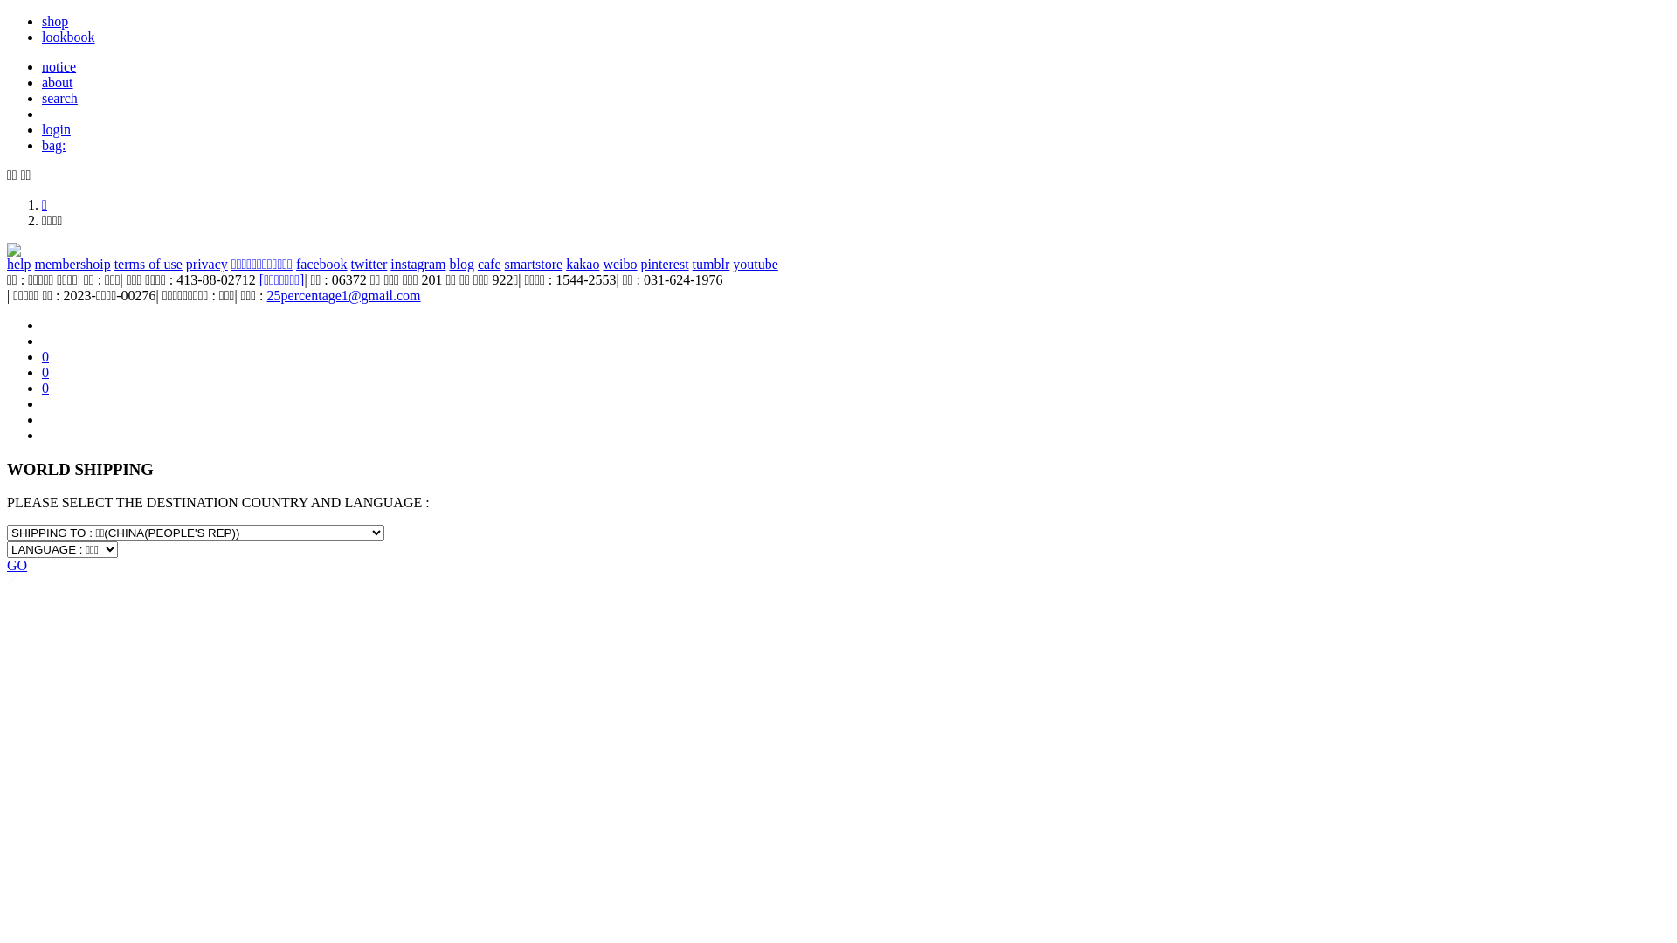  I want to click on 'youtube', so click(755, 264).